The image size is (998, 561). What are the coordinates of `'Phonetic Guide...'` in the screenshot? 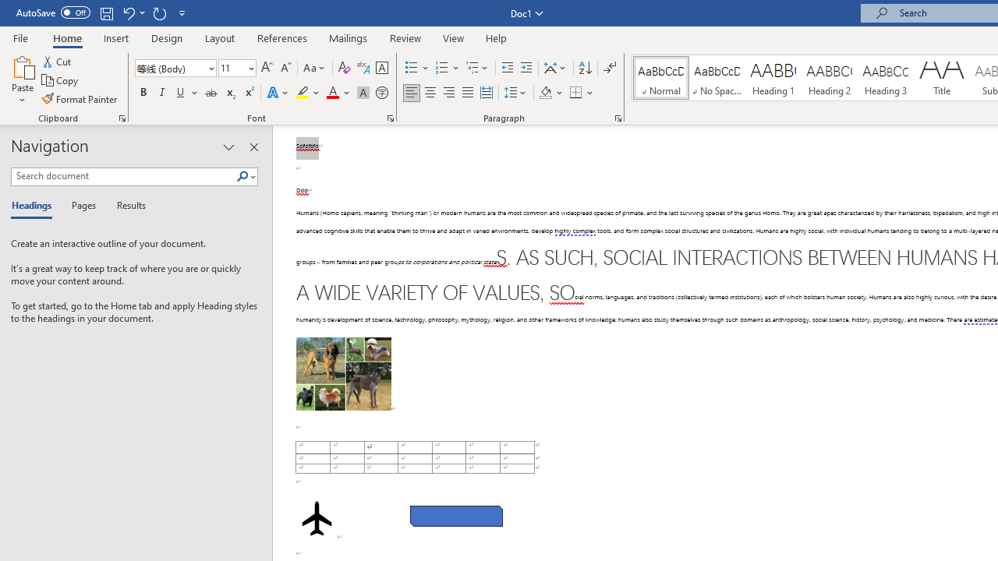 It's located at (362, 67).